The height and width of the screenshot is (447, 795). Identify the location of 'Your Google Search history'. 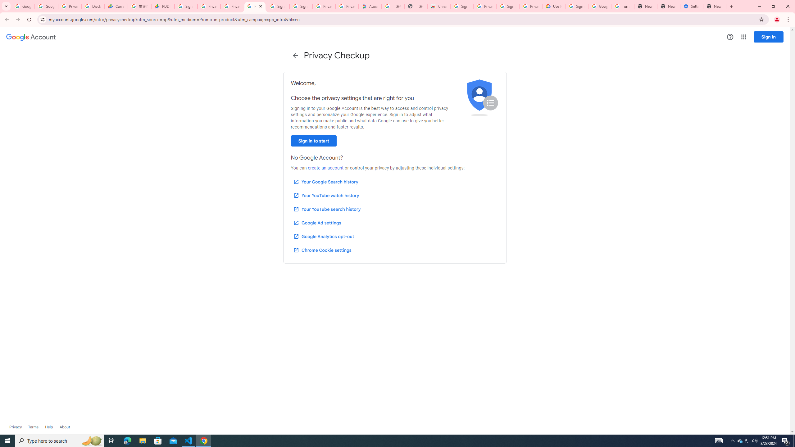
(325, 182).